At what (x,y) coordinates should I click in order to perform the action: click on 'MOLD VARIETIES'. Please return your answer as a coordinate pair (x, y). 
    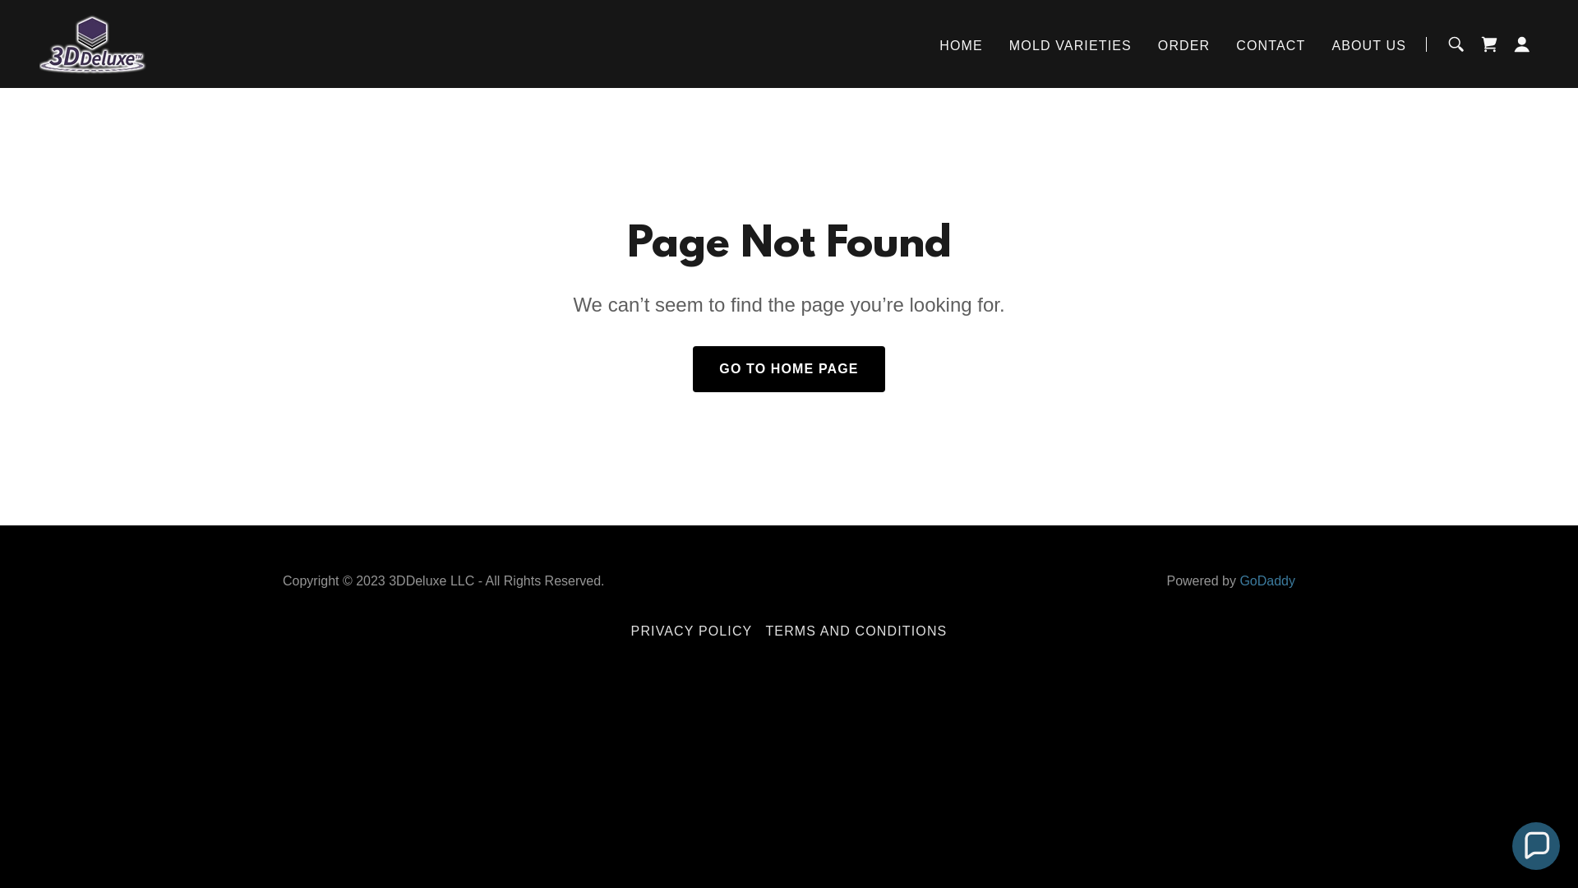
    Looking at the image, I should click on (1070, 45).